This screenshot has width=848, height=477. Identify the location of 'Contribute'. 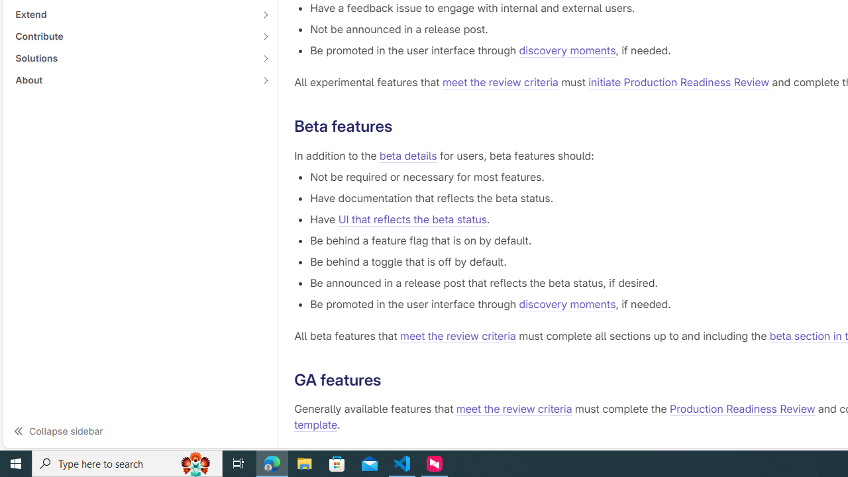
(132, 36).